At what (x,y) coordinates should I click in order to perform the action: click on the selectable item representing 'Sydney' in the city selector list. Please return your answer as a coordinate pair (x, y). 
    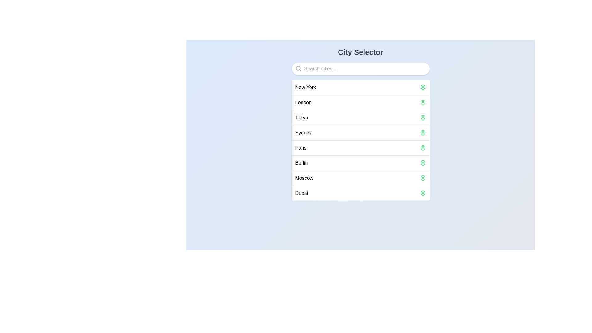
    Looking at the image, I should click on (360, 132).